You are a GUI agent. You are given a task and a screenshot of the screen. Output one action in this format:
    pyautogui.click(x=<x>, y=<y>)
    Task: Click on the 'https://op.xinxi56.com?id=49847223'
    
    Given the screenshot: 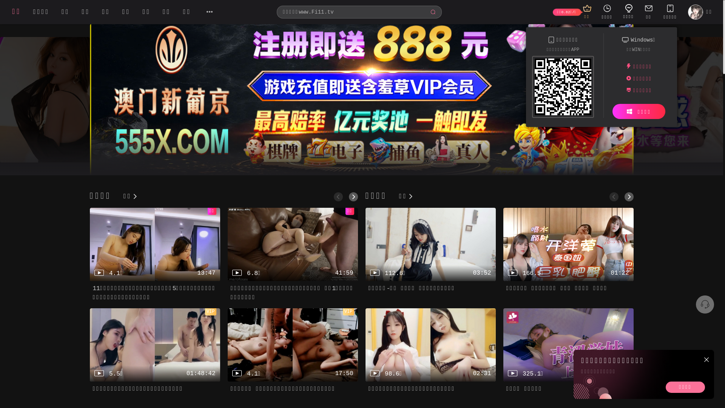 What is the action you would take?
    pyautogui.click(x=563, y=88)
    